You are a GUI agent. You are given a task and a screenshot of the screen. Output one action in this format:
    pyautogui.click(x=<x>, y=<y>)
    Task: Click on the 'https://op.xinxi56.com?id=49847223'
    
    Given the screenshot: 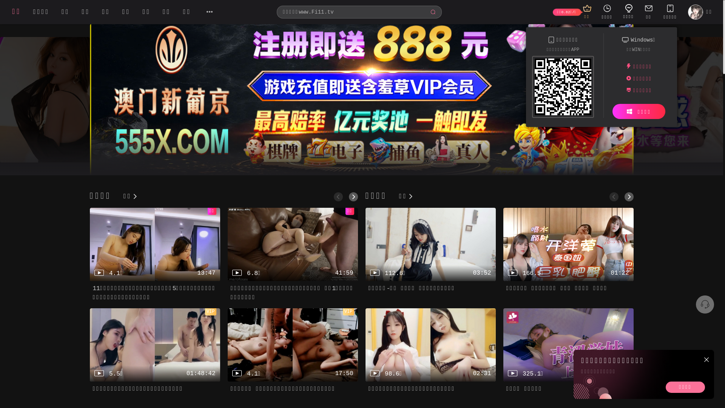 What is the action you would take?
    pyautogui.click(x=563, y=88)
    